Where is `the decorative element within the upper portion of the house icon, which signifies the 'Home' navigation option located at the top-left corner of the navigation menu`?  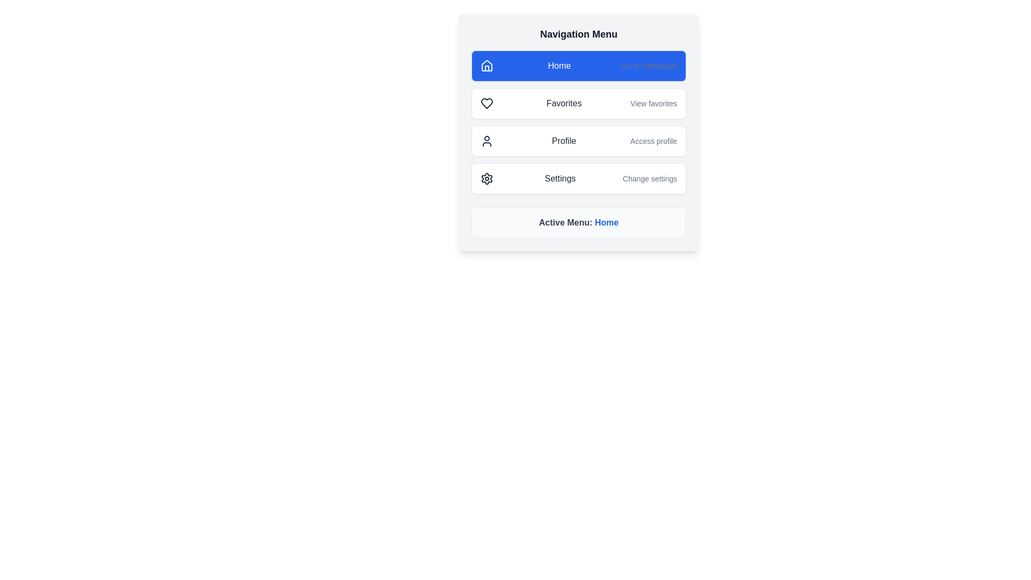
the decorative element within the upper portion of the house icon, which signifies the 'Home' navigation option located at the top-left corner of the navigation menu is located at coordinates (487, 68).